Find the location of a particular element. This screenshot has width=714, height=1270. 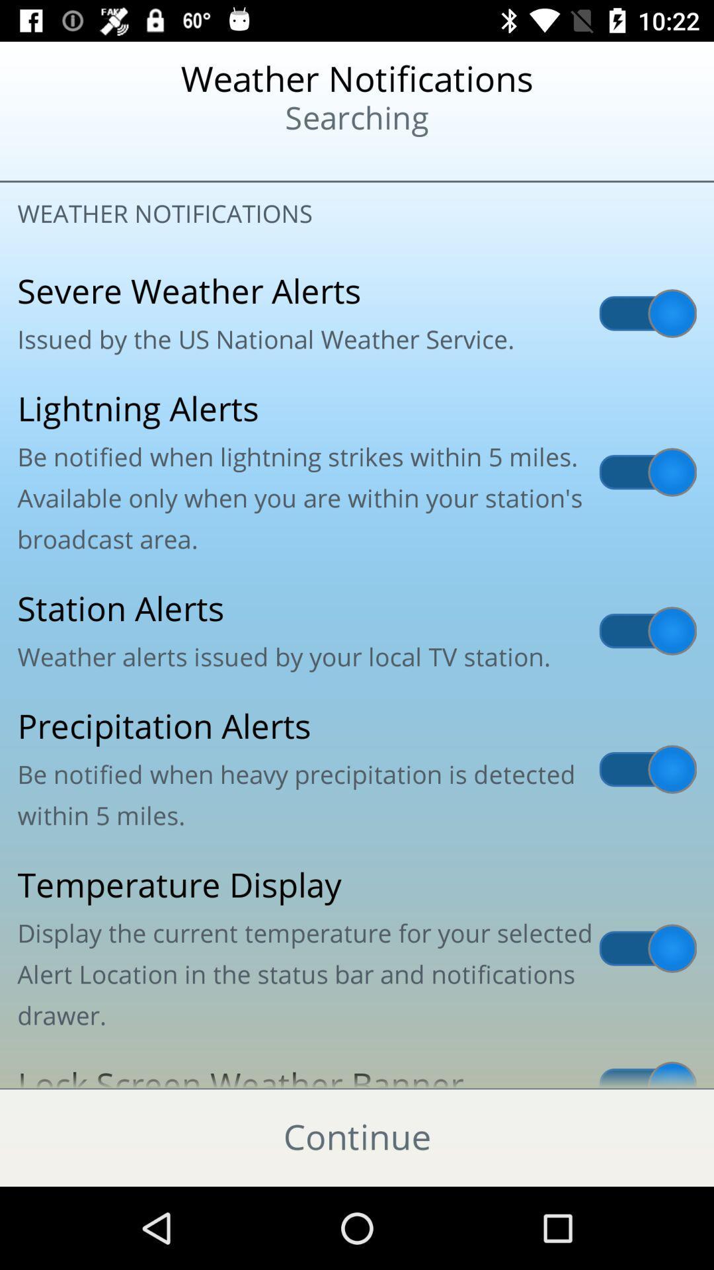

icon below precipitation alerts be is located at coordinates (357, 948).